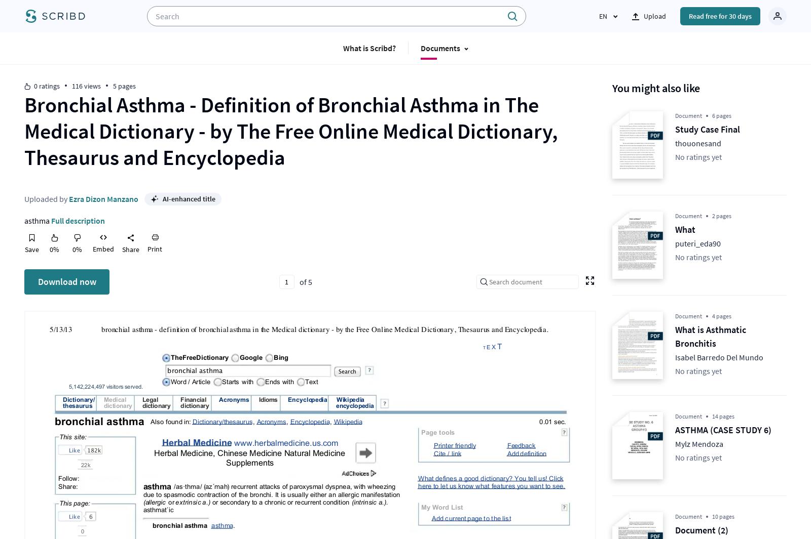  I want to click on 'Print', so click(155, 248).